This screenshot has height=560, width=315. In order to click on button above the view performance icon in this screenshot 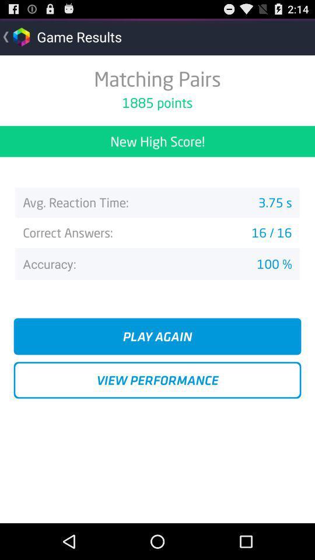, I will do `click(157, 336)`.